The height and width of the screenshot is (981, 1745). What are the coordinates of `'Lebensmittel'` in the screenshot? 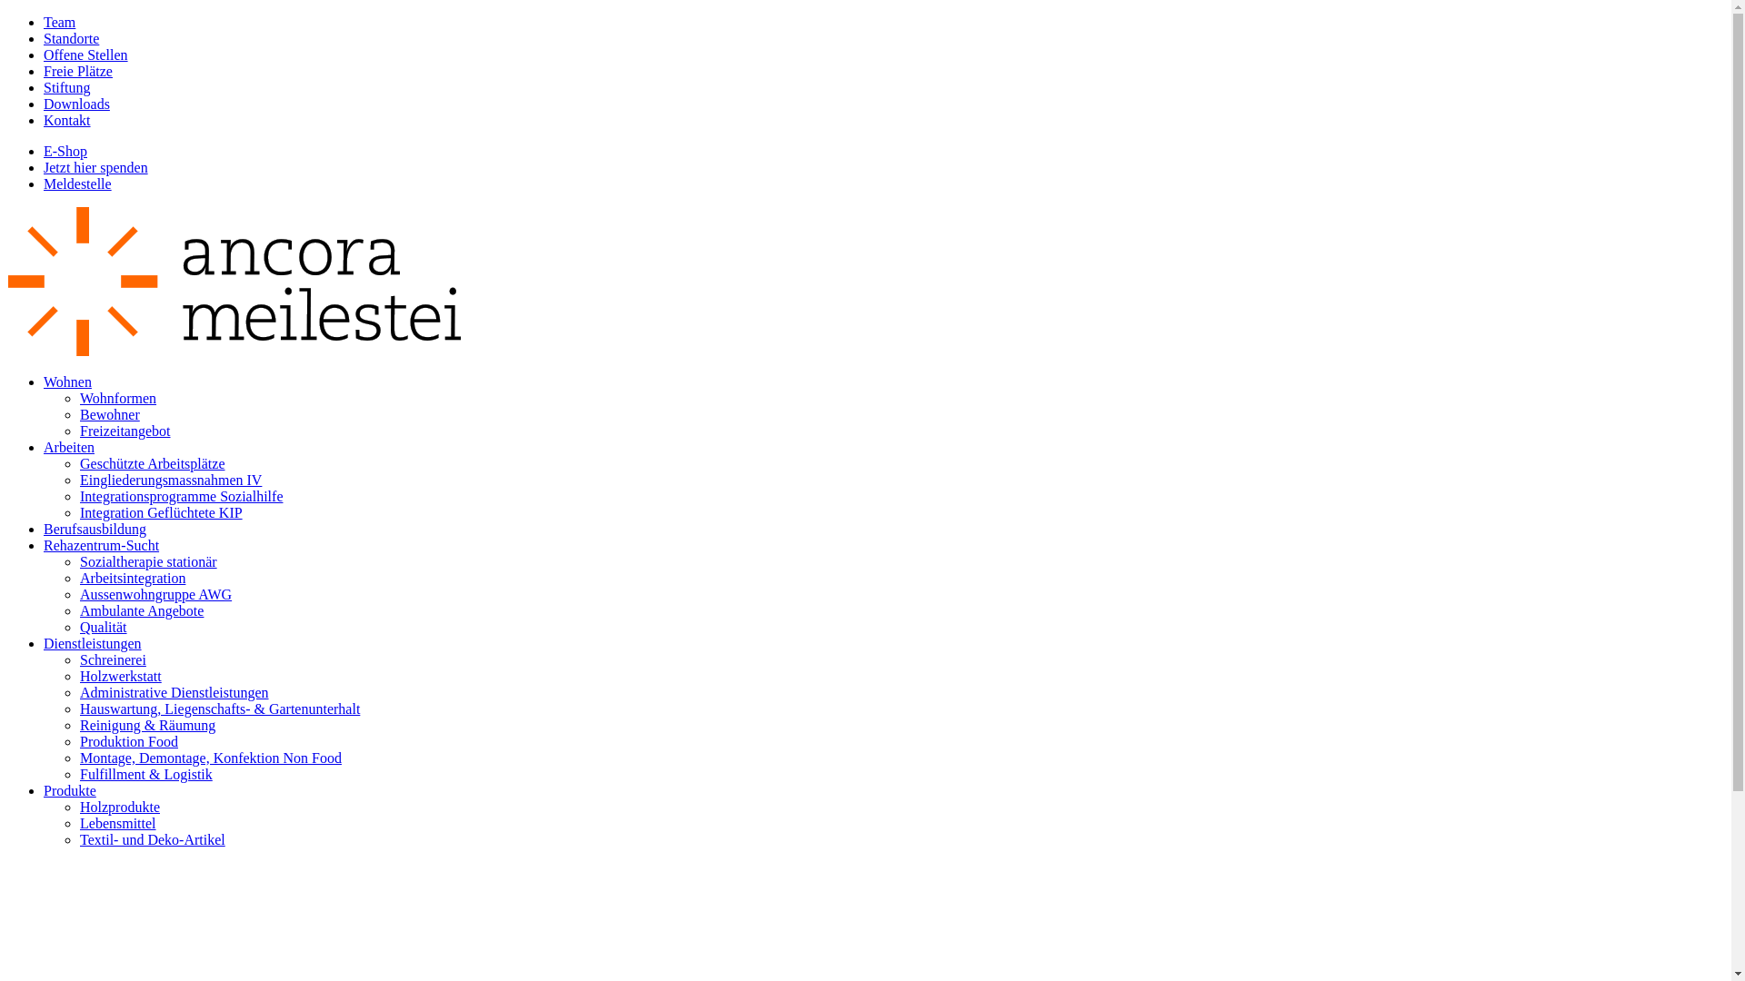 It's located at (116, 823).